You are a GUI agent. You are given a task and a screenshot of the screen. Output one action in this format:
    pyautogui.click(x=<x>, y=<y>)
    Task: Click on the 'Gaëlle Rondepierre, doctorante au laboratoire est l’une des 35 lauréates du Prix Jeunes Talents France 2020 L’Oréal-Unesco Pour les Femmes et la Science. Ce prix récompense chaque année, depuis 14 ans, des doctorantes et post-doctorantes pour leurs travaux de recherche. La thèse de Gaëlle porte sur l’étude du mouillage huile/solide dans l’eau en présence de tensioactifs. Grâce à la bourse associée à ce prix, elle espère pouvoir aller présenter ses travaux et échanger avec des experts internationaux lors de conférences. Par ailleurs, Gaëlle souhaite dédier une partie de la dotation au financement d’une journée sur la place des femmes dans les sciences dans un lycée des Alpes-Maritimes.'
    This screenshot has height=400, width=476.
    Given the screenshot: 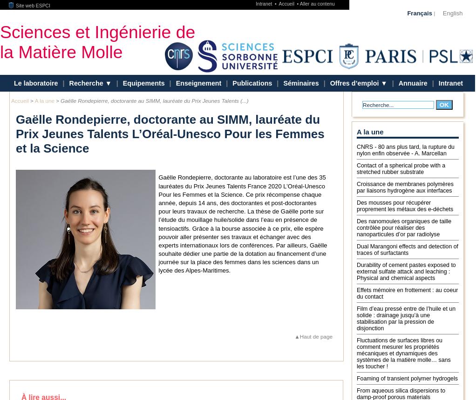 What is the action you would take?
    pyautogui.click(x=242, y=224)
    